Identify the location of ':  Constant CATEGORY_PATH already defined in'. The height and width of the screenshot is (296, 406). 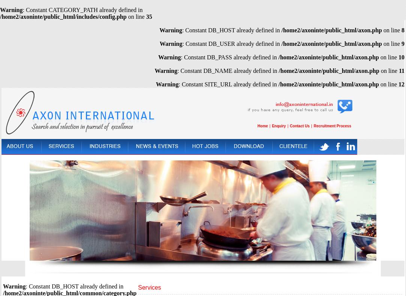
(82, 9).